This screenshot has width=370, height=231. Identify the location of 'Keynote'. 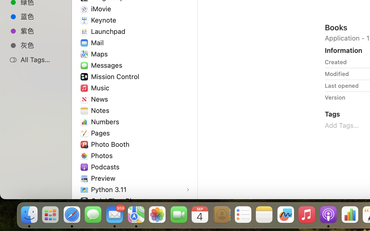
(104, 20).